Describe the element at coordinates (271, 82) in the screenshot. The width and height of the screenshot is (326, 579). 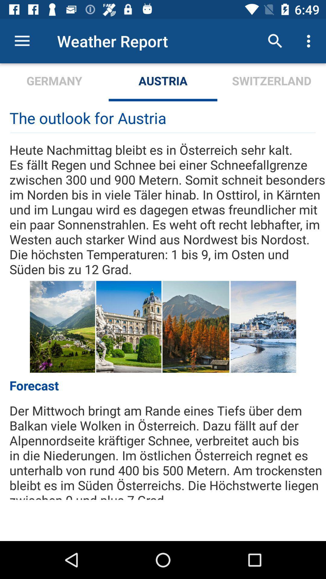
I see `the icon to the right of austria item` at that location.